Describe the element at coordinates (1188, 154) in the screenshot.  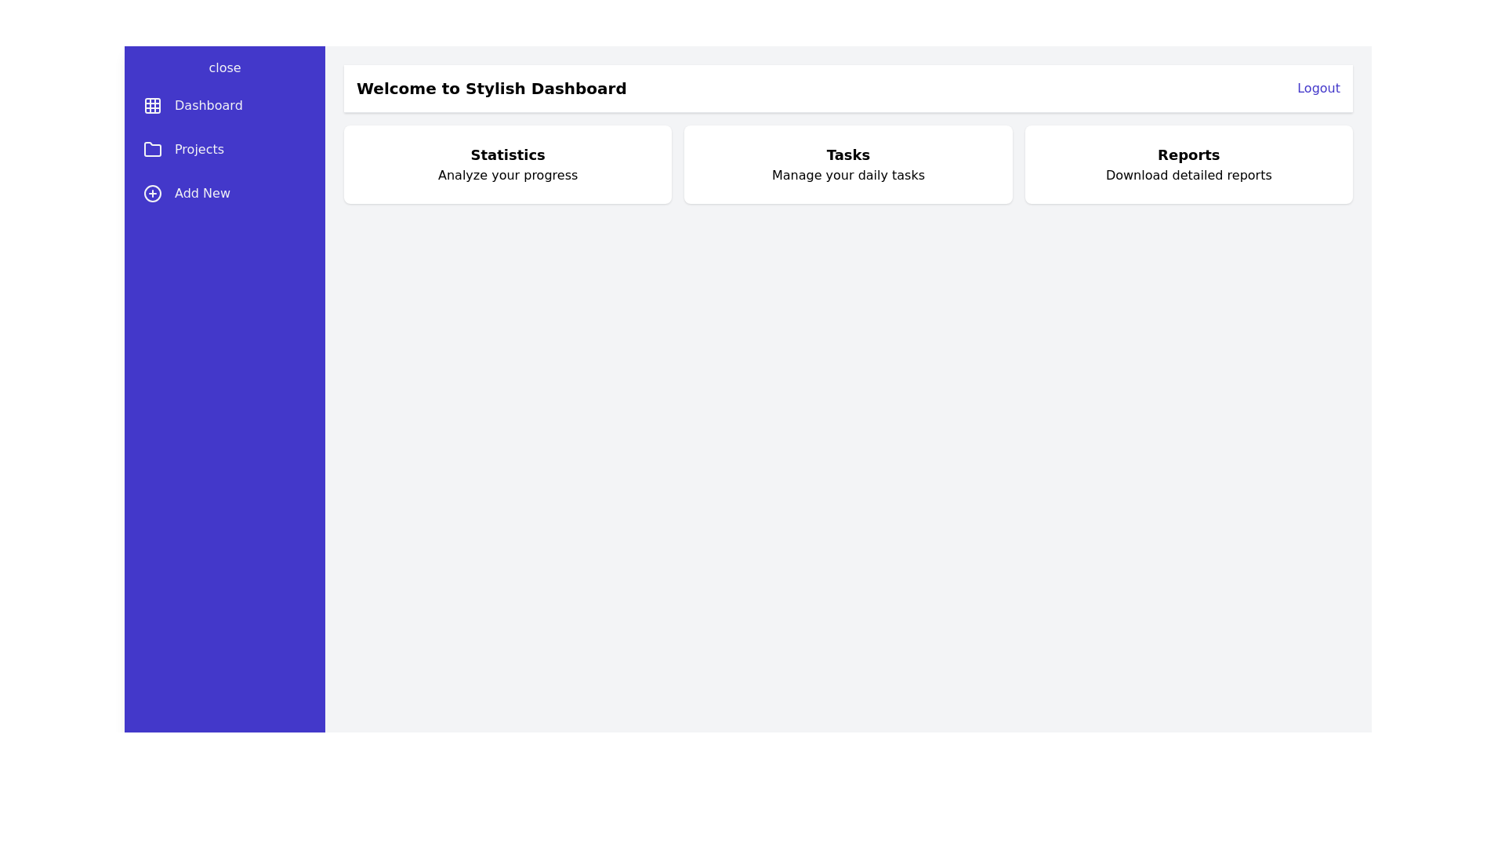
I see `the heading text for the 'Reports' section, which is located above 'Download detailed reports' in the top-right quadrant of the interface` at that location.